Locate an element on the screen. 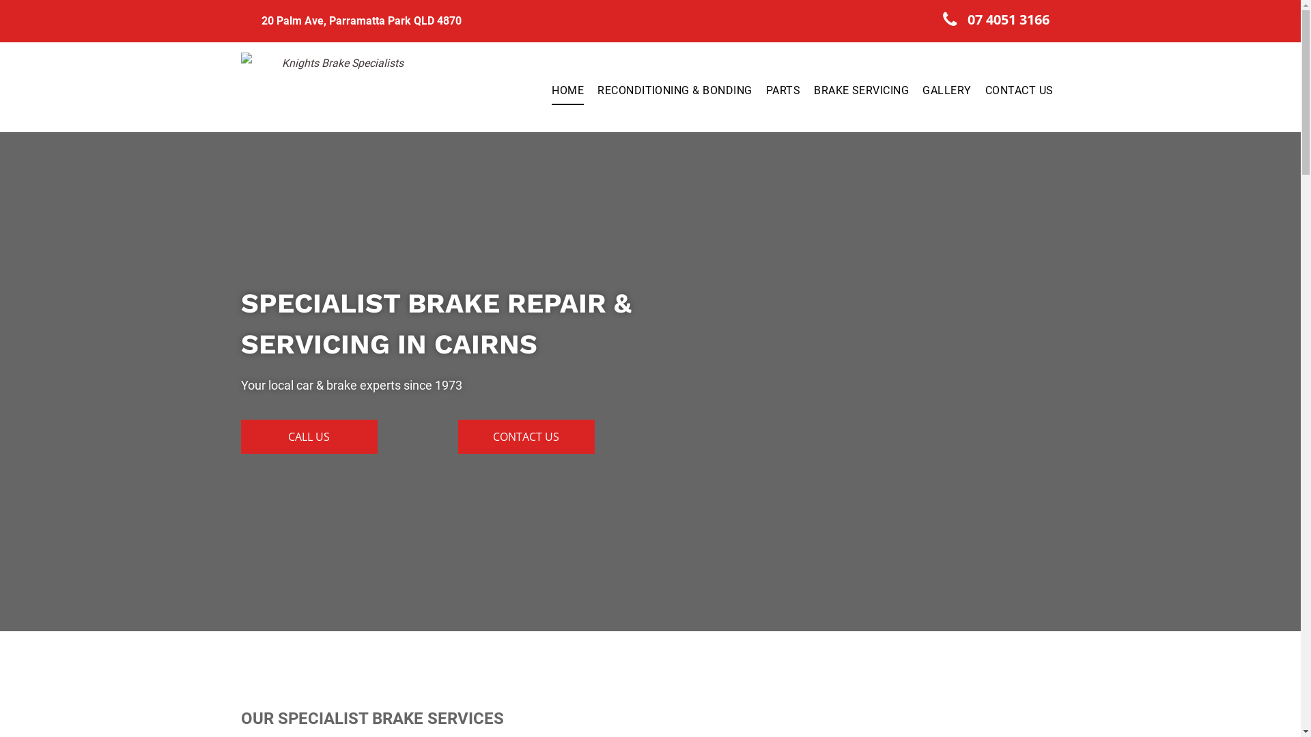 This screenshot has height=737, width=1311. 'GALLERY' is located at coordinates (946, 90).